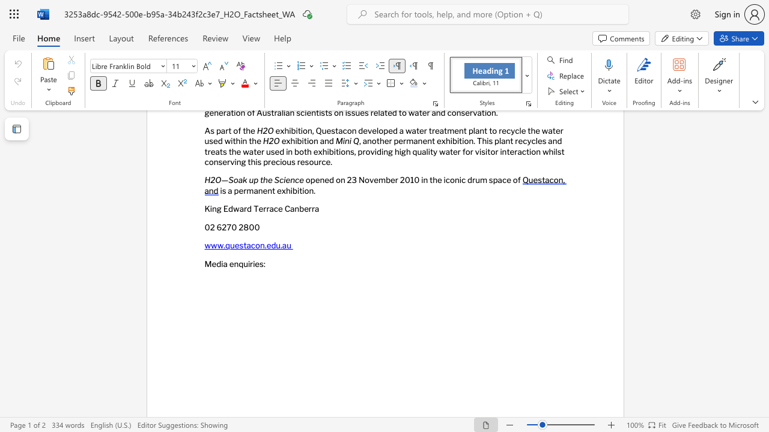 The height and width of the screenshot is (432, 769). Describe the element at coordinates (243, 263) in the screenshot. I see `the subset text "uir" within the text "Media enquiries:"` at that location.